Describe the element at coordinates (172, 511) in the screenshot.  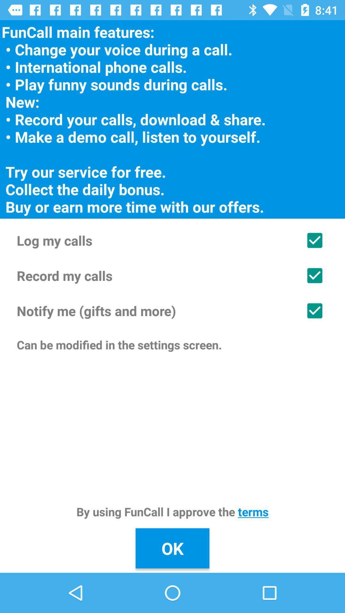
I see `the button above the ok icon` at that location.